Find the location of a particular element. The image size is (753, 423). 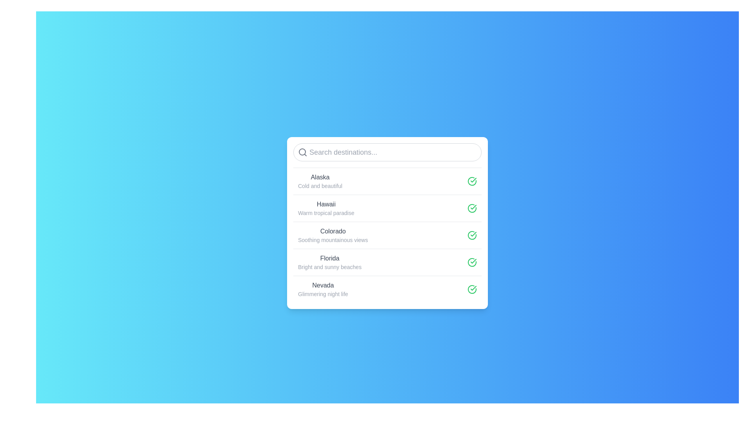

the green circular icon with a checkmark that is positioned to the right of the 'Alaska' label in the topmost row of the destinations list is located at coordinates (472, 181).